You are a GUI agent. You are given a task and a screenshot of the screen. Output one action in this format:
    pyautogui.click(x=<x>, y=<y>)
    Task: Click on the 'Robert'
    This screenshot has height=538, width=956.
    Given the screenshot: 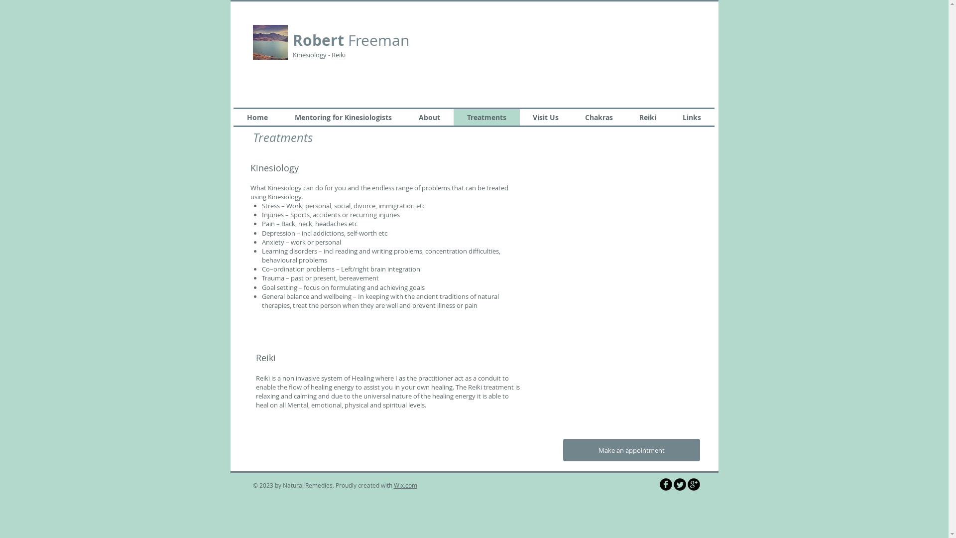 What is the action you would take?
    pyautogui.click(x=292, y=40)
    